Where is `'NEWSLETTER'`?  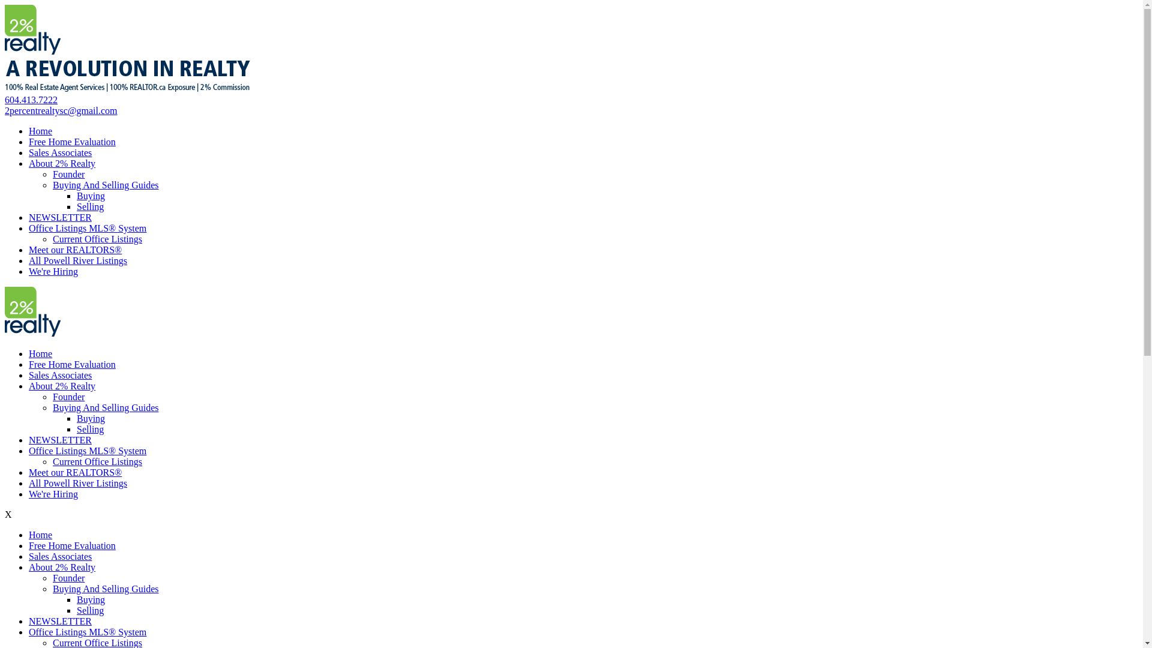
'NEWSLETTER' is located at coordinates (59, 440).